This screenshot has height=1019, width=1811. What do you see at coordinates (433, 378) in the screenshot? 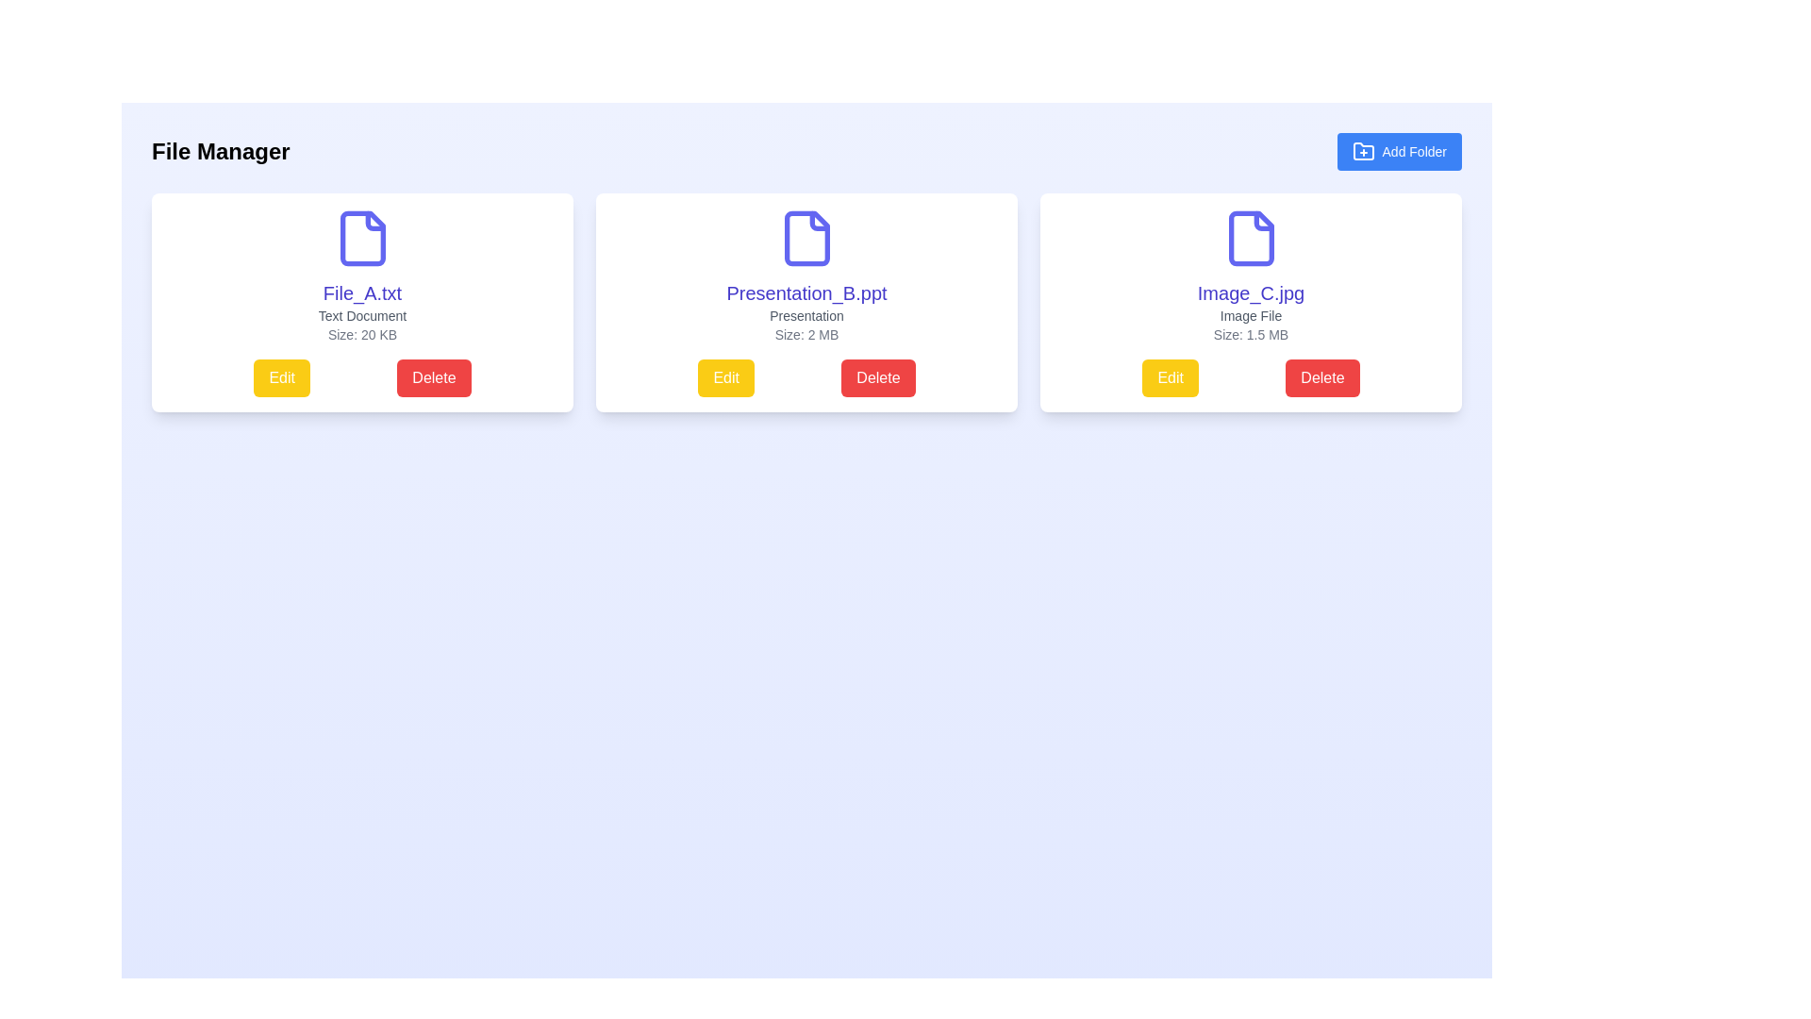
I see `the delete button located in the lower portion of the card for 'File_A.txt', positioned to the right of the yellow 'Edit' button, to observe the hover effect` at bounding box center [433, 378].